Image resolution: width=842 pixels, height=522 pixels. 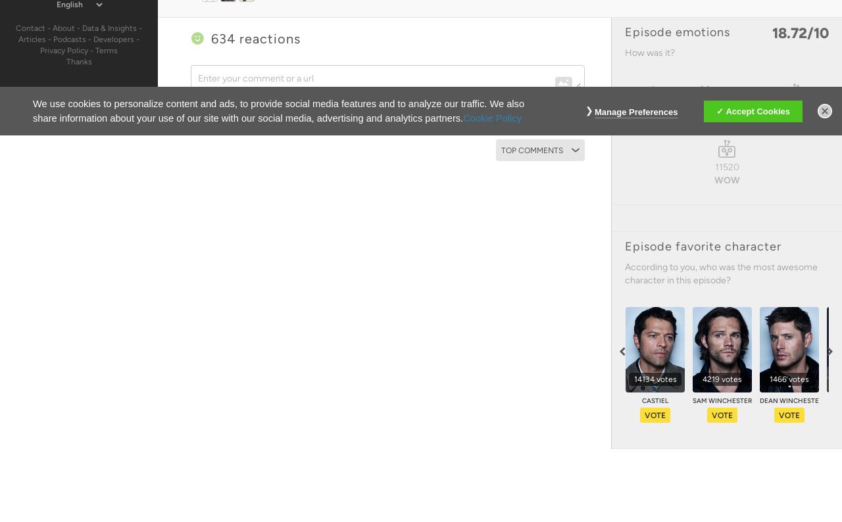 I want to click on '4219 votes', so click(x=721, y=378).